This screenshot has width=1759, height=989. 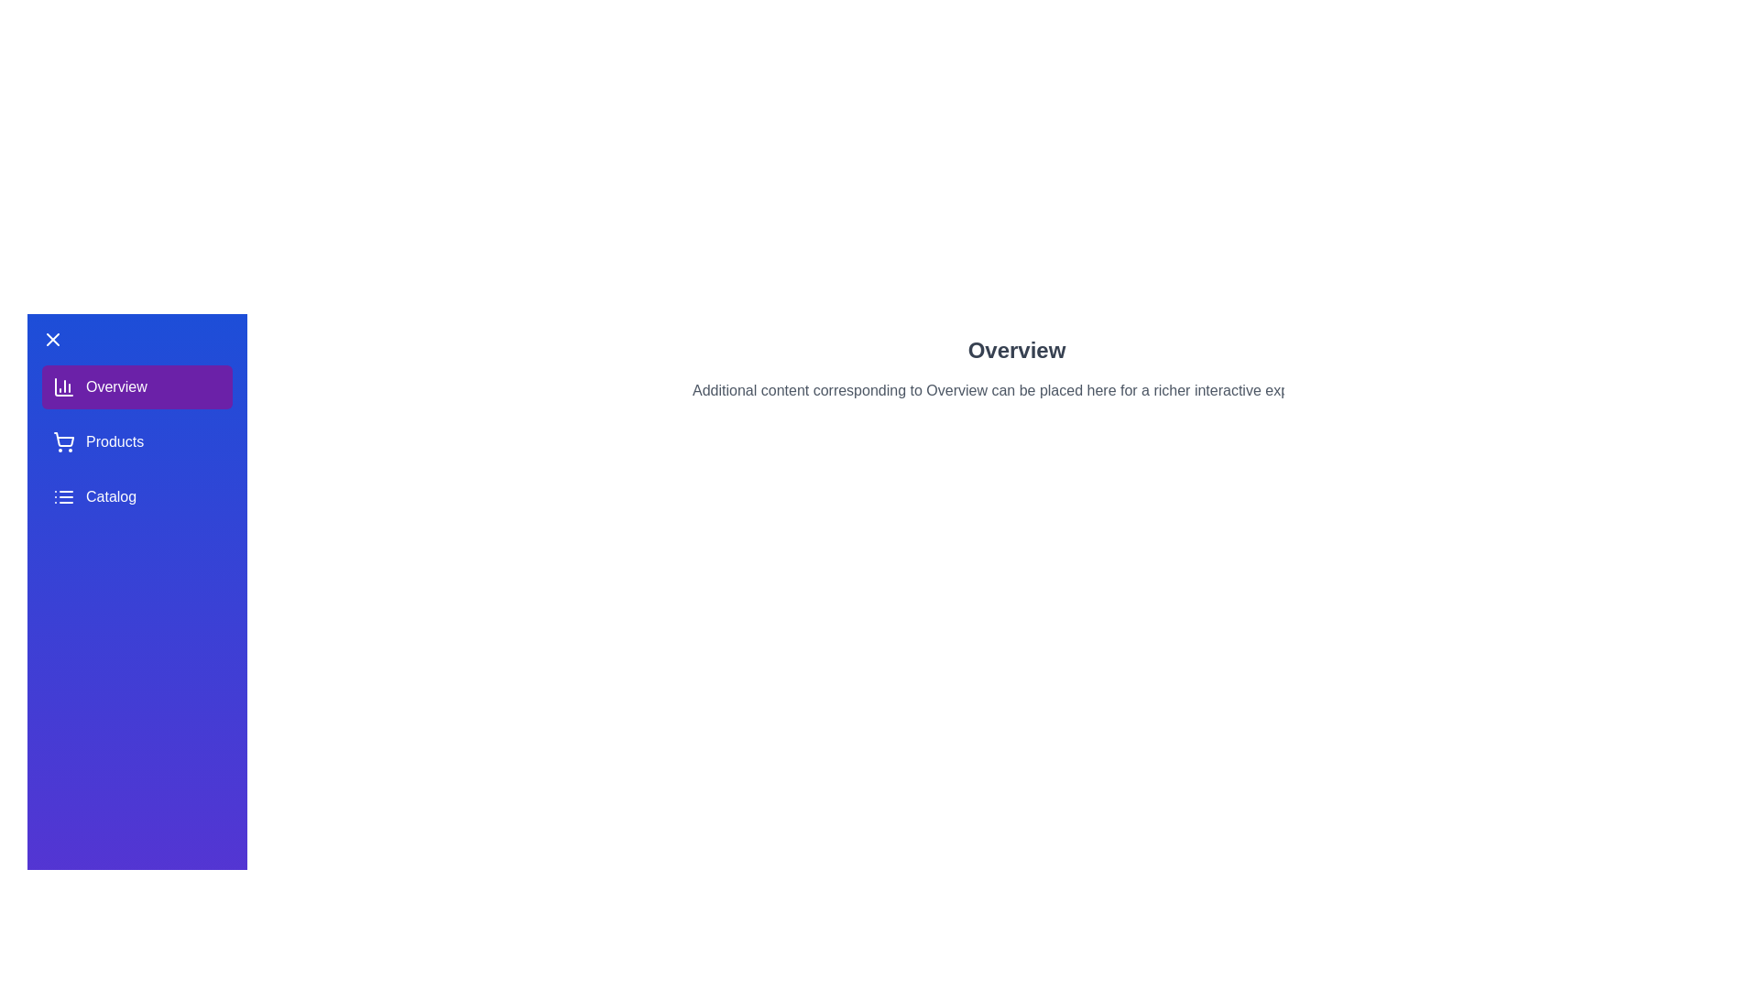 What do you see at coordinates (52, 339) in the screenshot?
I see `toggle button to toggle the drawer open or close` at bounding box center [52, 339].